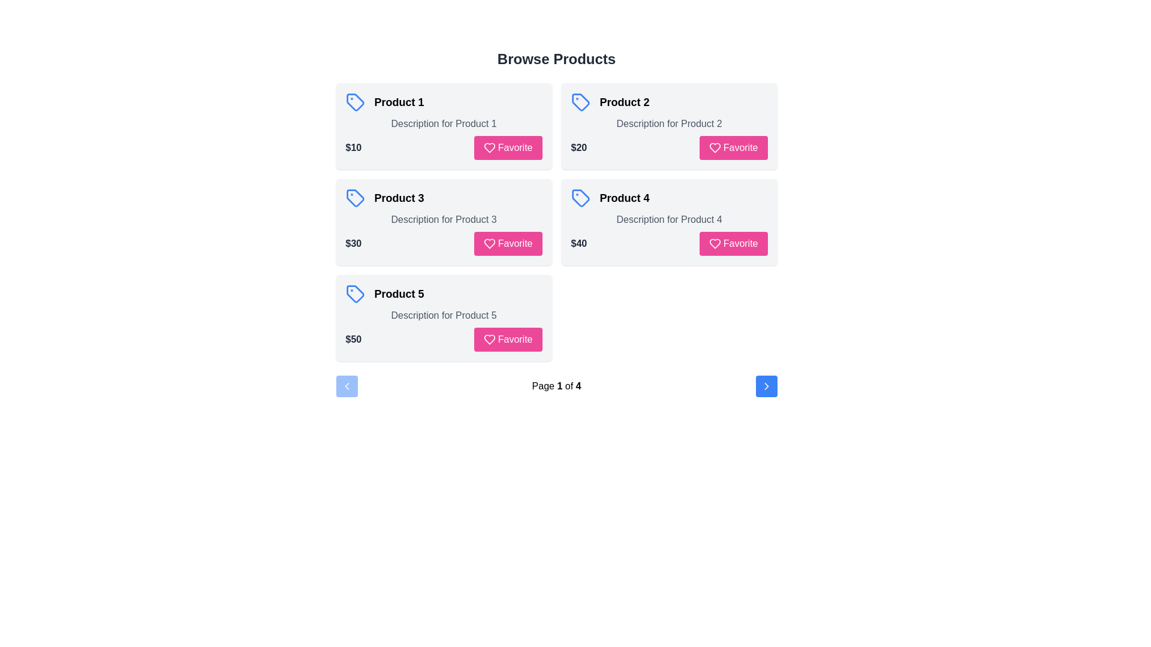  What do you see at coordinates (399, 198) in the screenshot?
I see `text content of the 'Product 3' label, which is displayed in bold font and is located next to a blue tag icon in the second row and first column of the grid layout` at bounding box center [399, 198].